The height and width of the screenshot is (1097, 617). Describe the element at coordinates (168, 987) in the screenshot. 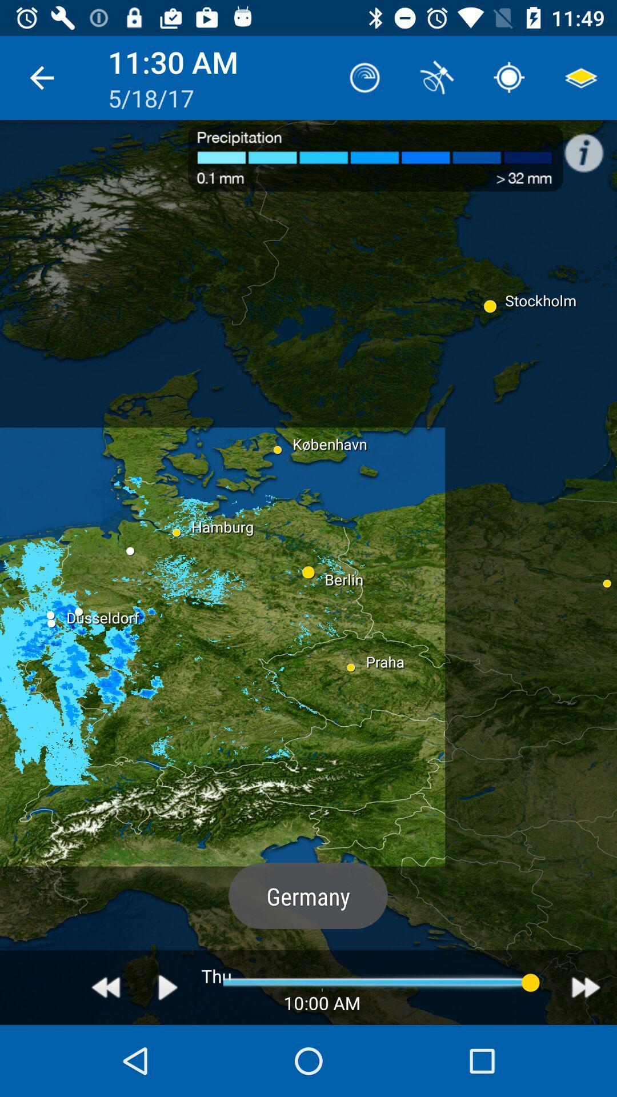

I see `play` at that location.